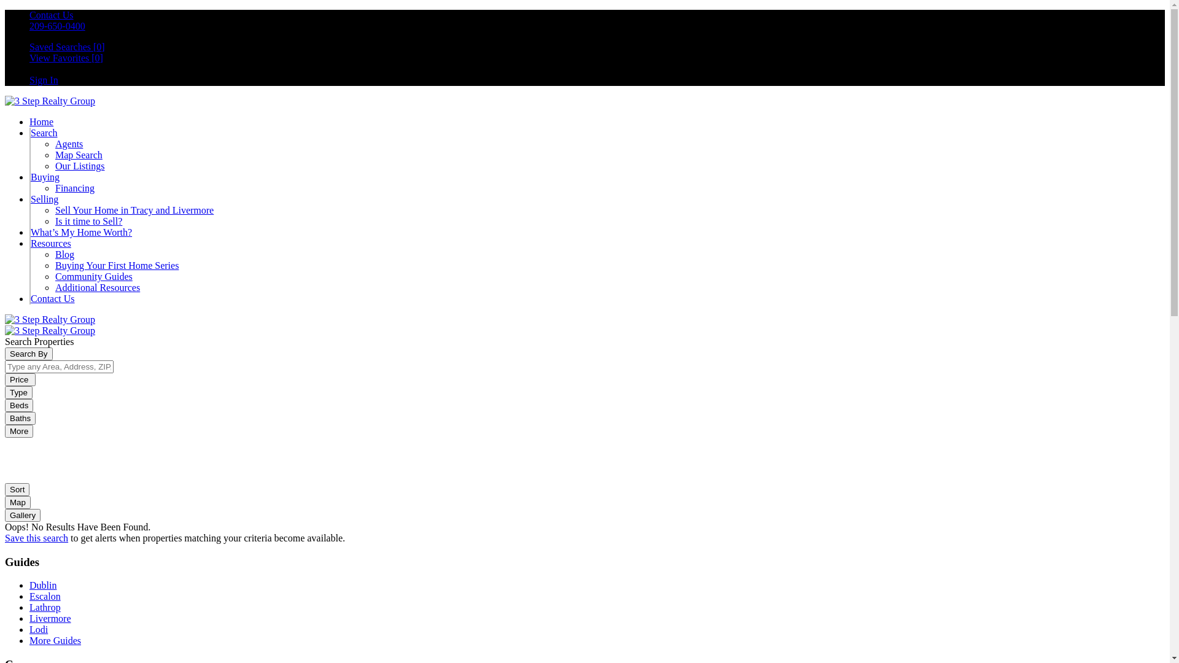 The image size is (1179, 663). What do you see at coordinates (29, 607) in the screenshot?
I see `'Lathrop'` at bounding box center [29, 607].